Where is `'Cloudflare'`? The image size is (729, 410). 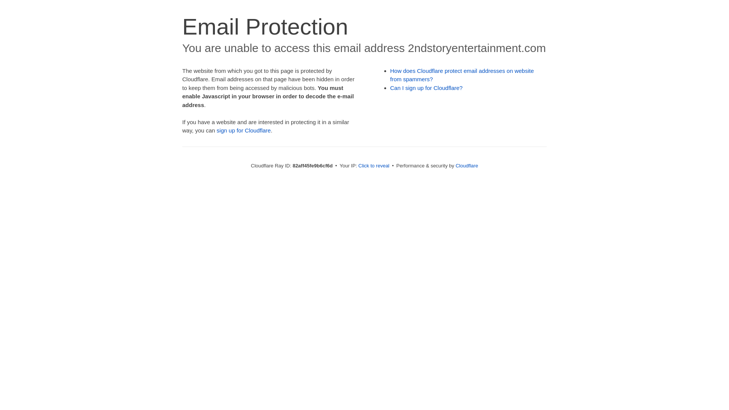 'Cloudflare' is located at coordinates (466, 165).